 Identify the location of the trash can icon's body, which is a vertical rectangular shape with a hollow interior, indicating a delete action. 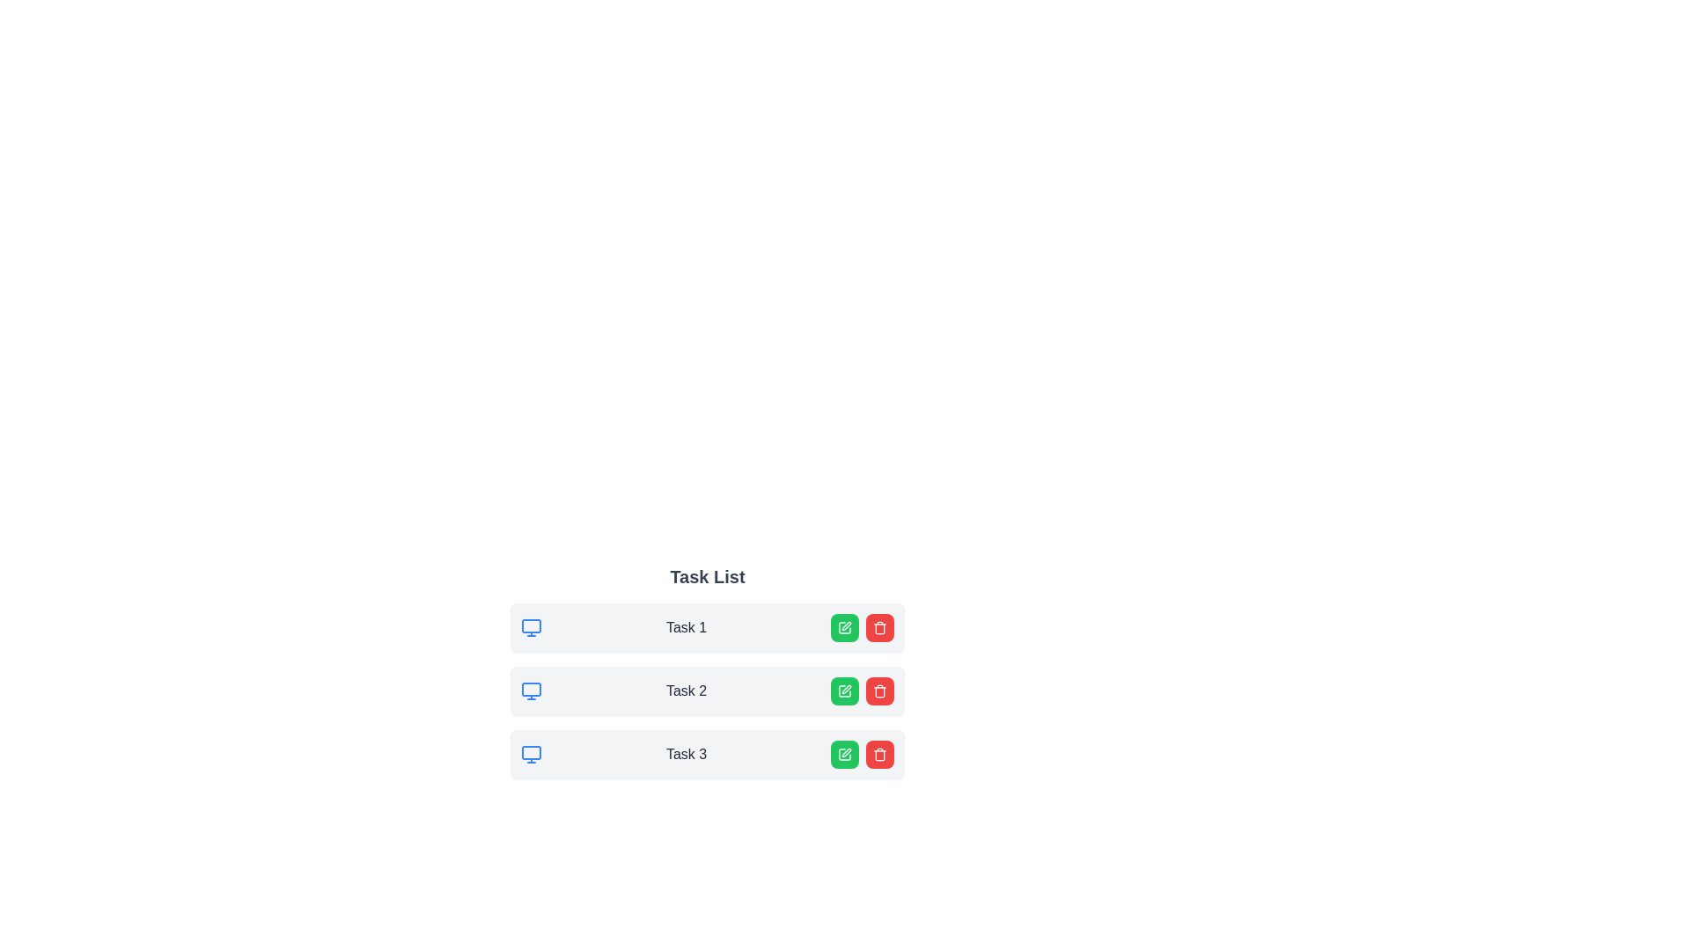
(879, 627).